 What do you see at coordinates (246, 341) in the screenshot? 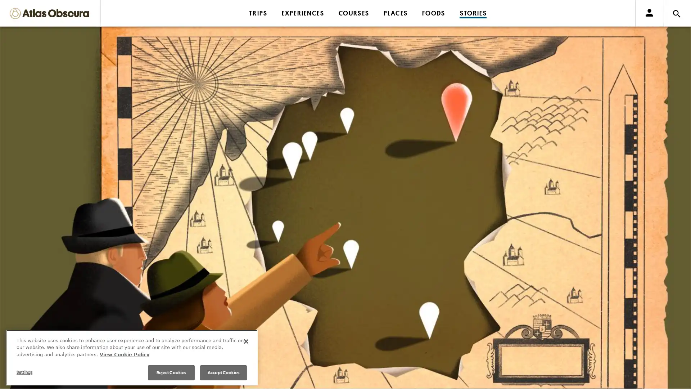
I see `Close` at bounding box center [246, 341].